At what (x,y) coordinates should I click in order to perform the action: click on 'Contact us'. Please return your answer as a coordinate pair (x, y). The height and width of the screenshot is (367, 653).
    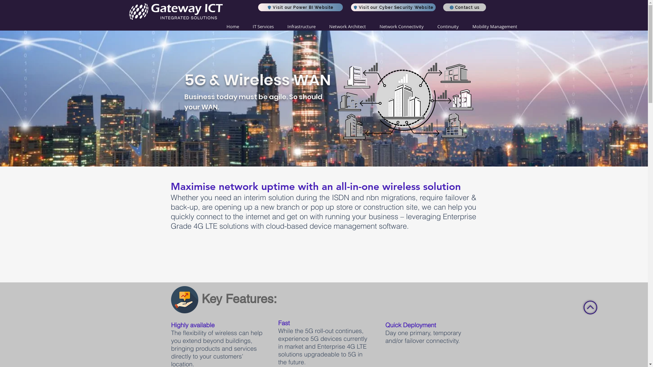
    Looking at the image, I should click on (442, 7).